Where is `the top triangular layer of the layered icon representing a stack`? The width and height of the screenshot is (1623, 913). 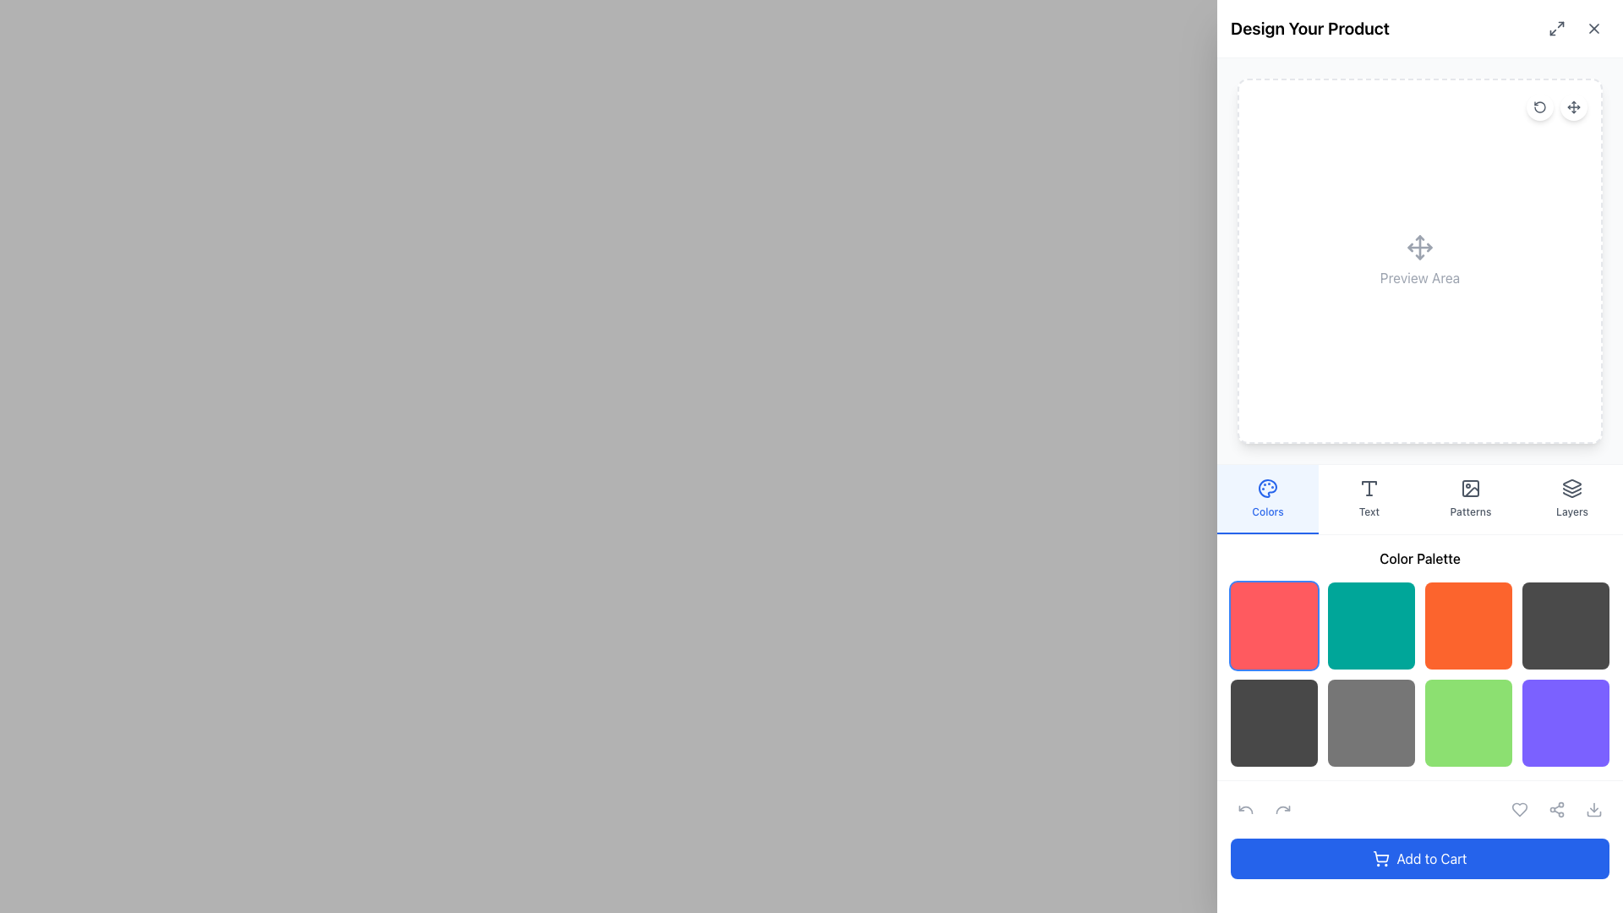
the top triangular layer of the layered icon representing a stack is located at coordinates (1571, 484).